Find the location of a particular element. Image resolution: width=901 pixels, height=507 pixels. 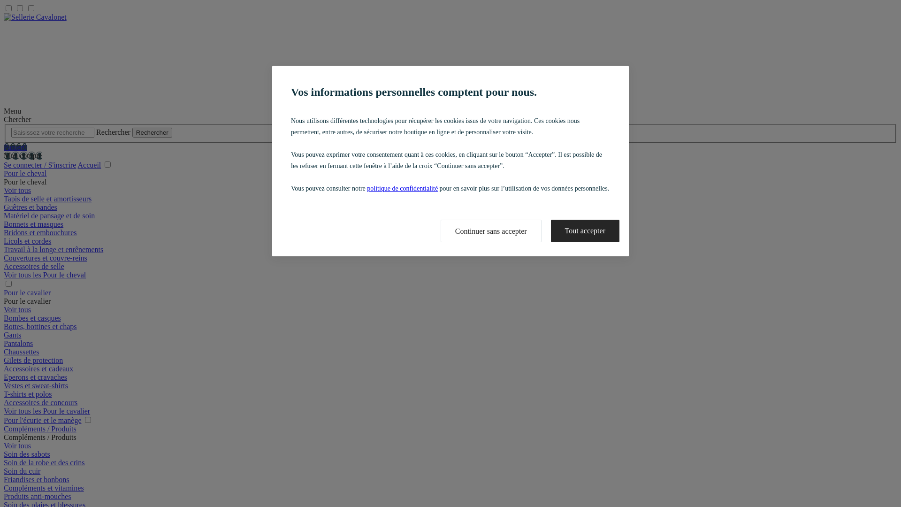

'Pour le cavalier' is located at coordinates (27, 292).